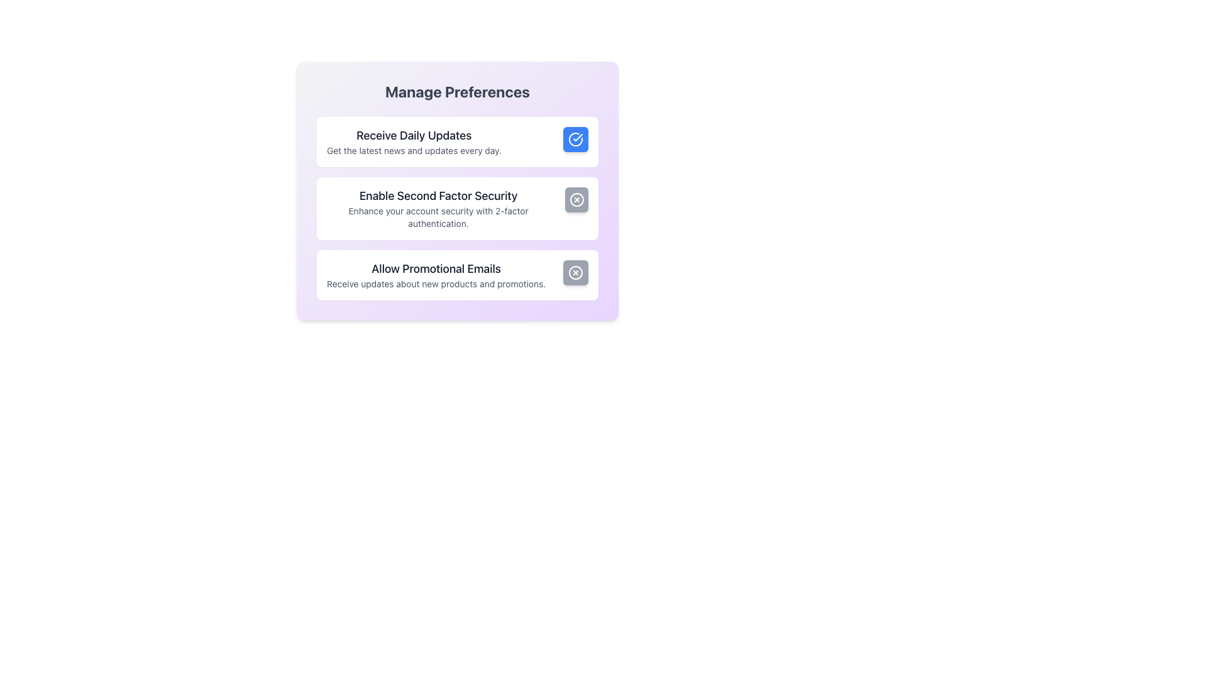 The height and width of the screenshot is (679, 1207). I want to click on the toggle button located, so click(576, 199).